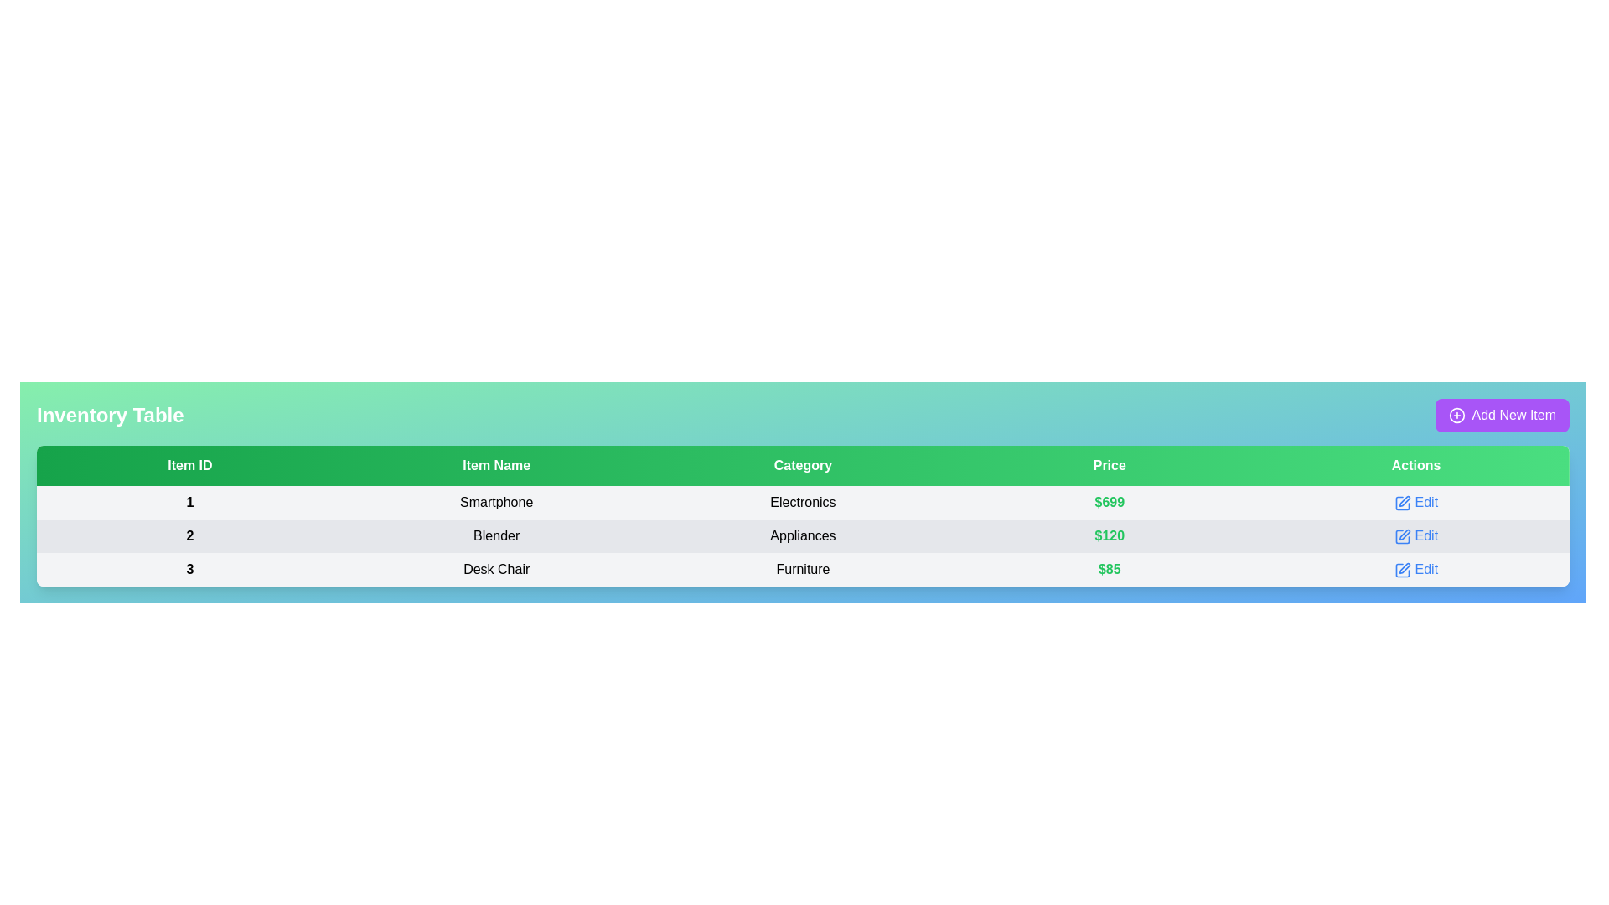 The height and width of the screenshot is (905, 1609). I want to click on the graphical icon representing an edit or customization action located in the farthest row under the 'Actions' column of the table, so click(1403, 569).